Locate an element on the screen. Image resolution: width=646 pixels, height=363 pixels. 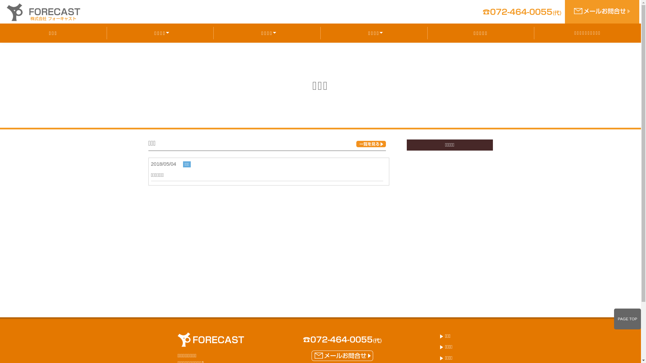
'PAGE TOP' is located at coordinates (614, 319).